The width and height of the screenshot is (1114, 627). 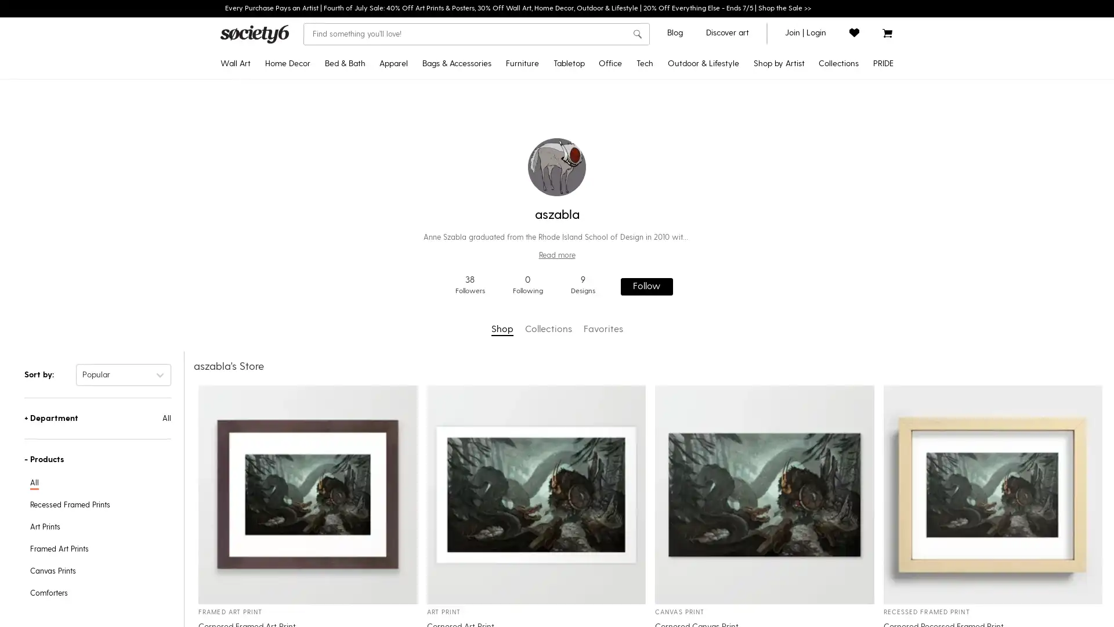 I want to click on Greeting Cards, so click(x=639, y=262).